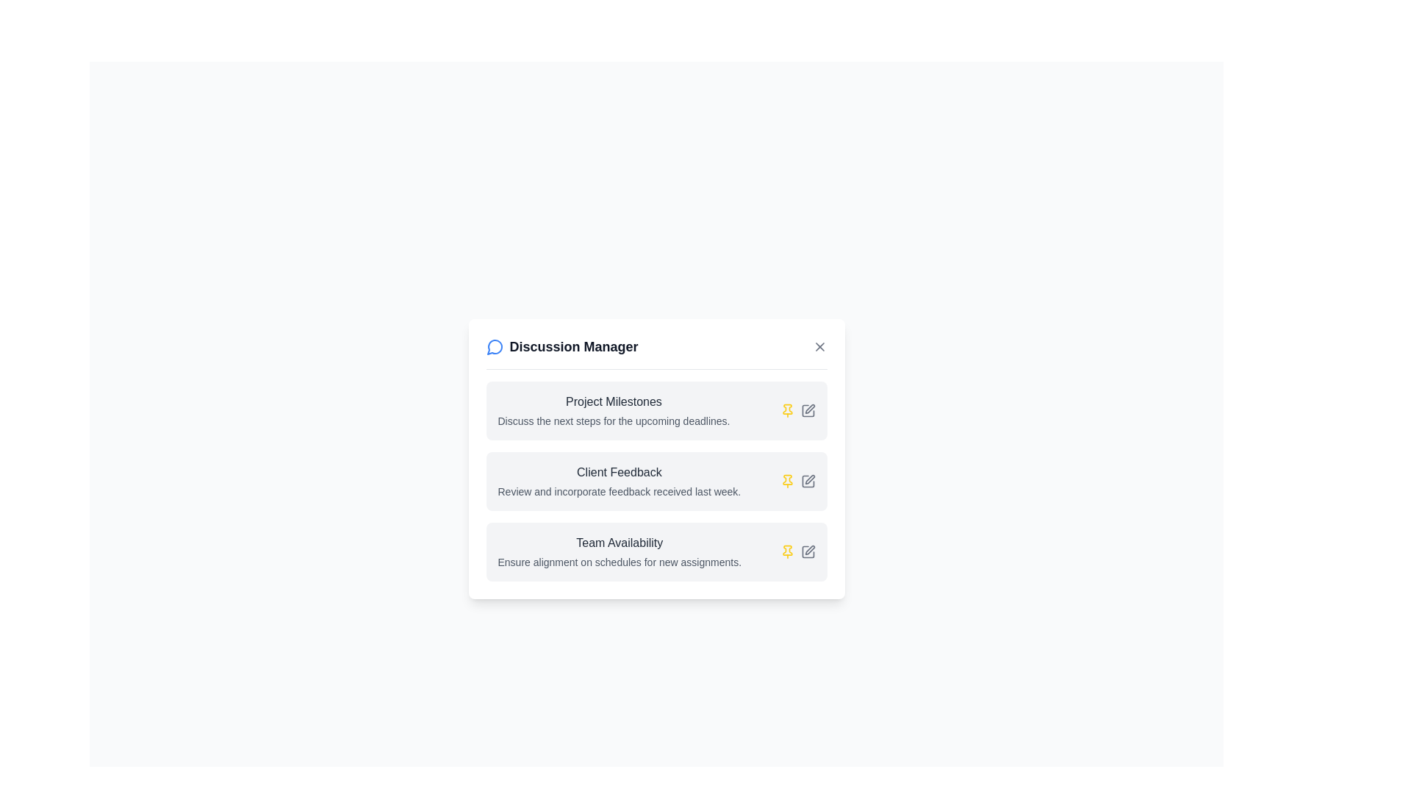 This screenshot has width=1411, height=794. I want to click on the small gray pen icon located in the bottom-right corner of the 'Team Availability' discussion card, so click(807, 551).